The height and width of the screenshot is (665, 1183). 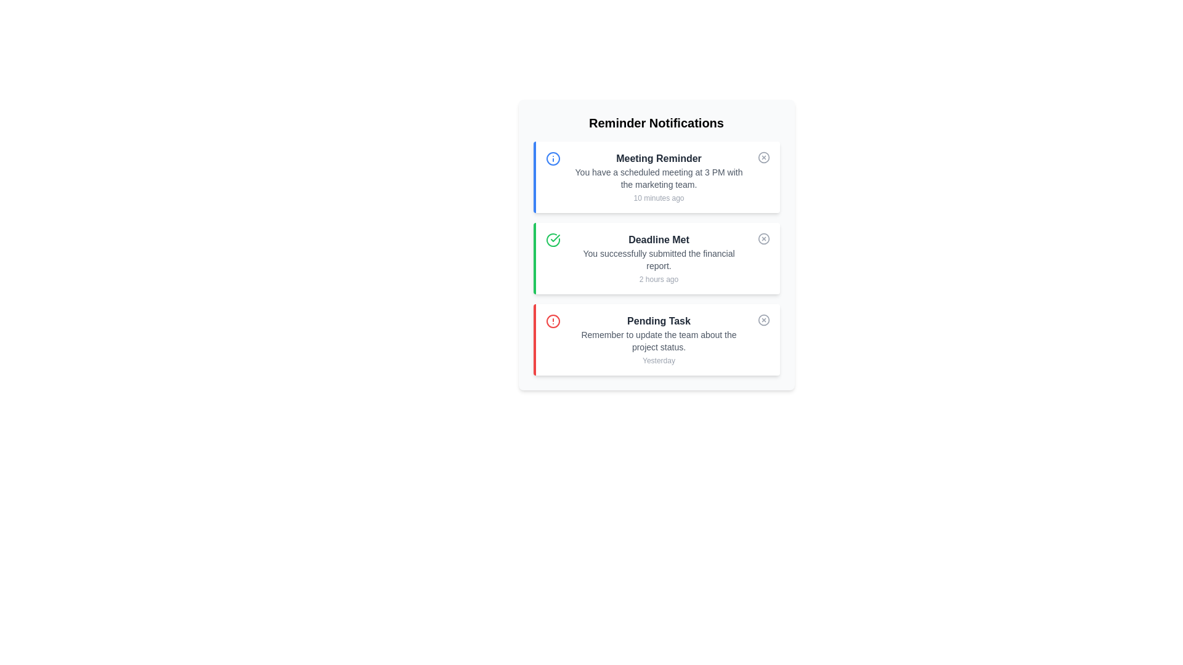 I want to click on the small gray text element that reads '2 hours ago', located below the primary notification content in the 'Deadline Met' card, so click(x=658, y=280).